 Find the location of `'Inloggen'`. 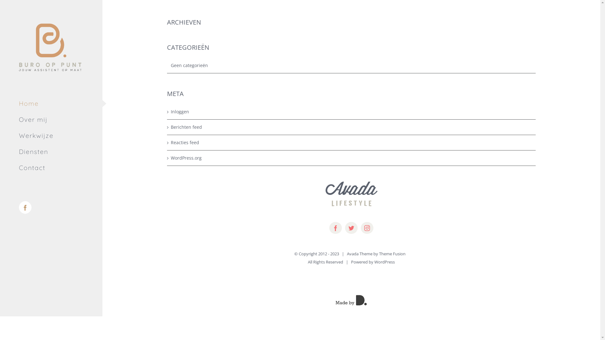

'Inloggen' is located at coordinates (351, 111).